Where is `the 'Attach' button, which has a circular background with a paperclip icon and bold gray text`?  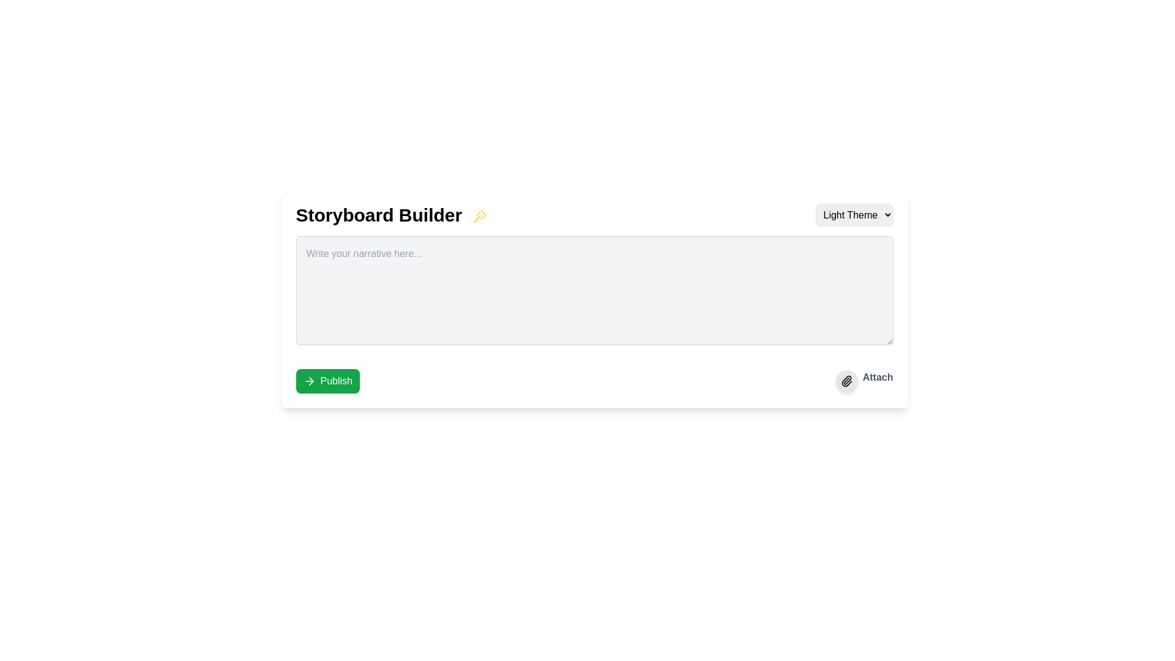
the 'Attach' button, which has a circular background with a paperclip icon and bold gray text is located at coordinates (864, 381).